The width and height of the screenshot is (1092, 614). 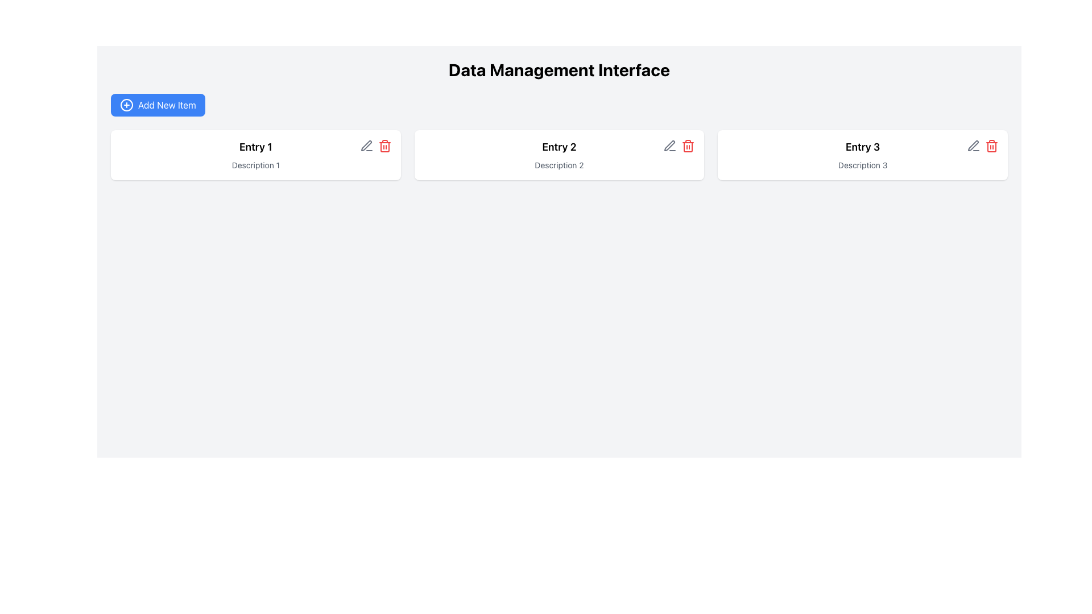 What do you see at coordinates (669, 145) in the screenshot?
I see `the pencil-shaped edit icon located within the card labeled 'Entry 2'` at bounding box center [669, 145].